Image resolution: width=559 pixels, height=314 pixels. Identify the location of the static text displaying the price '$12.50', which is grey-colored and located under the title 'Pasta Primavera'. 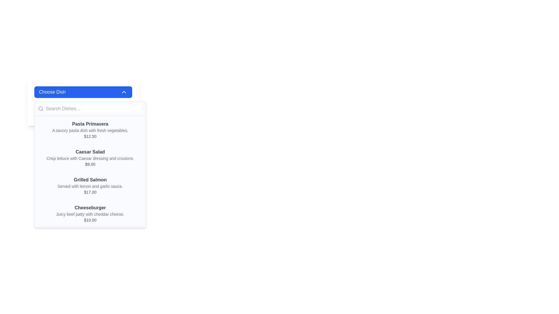
(90, 136).